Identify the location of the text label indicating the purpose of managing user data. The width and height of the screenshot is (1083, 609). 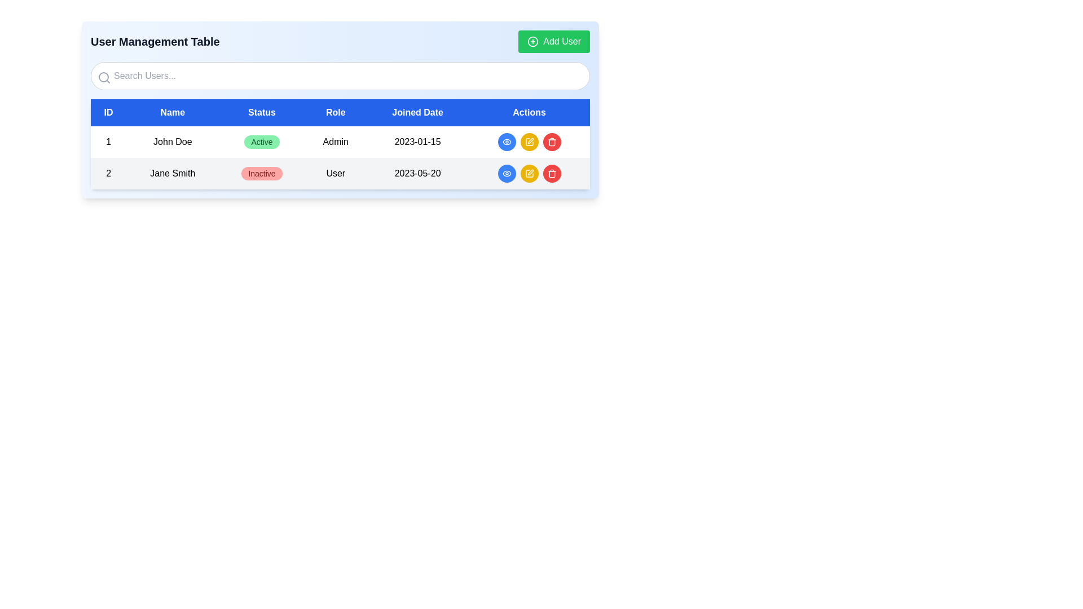
(155, 41).